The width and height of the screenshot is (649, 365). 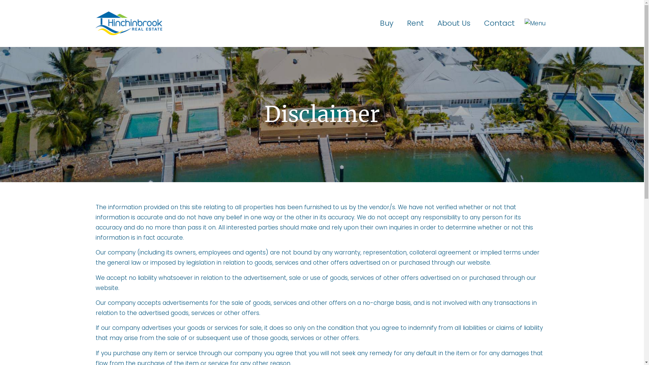 What do you see at coordinates (373, 23) in the screenshot?
I see `'Buy'` at bounding box center [373, 23].